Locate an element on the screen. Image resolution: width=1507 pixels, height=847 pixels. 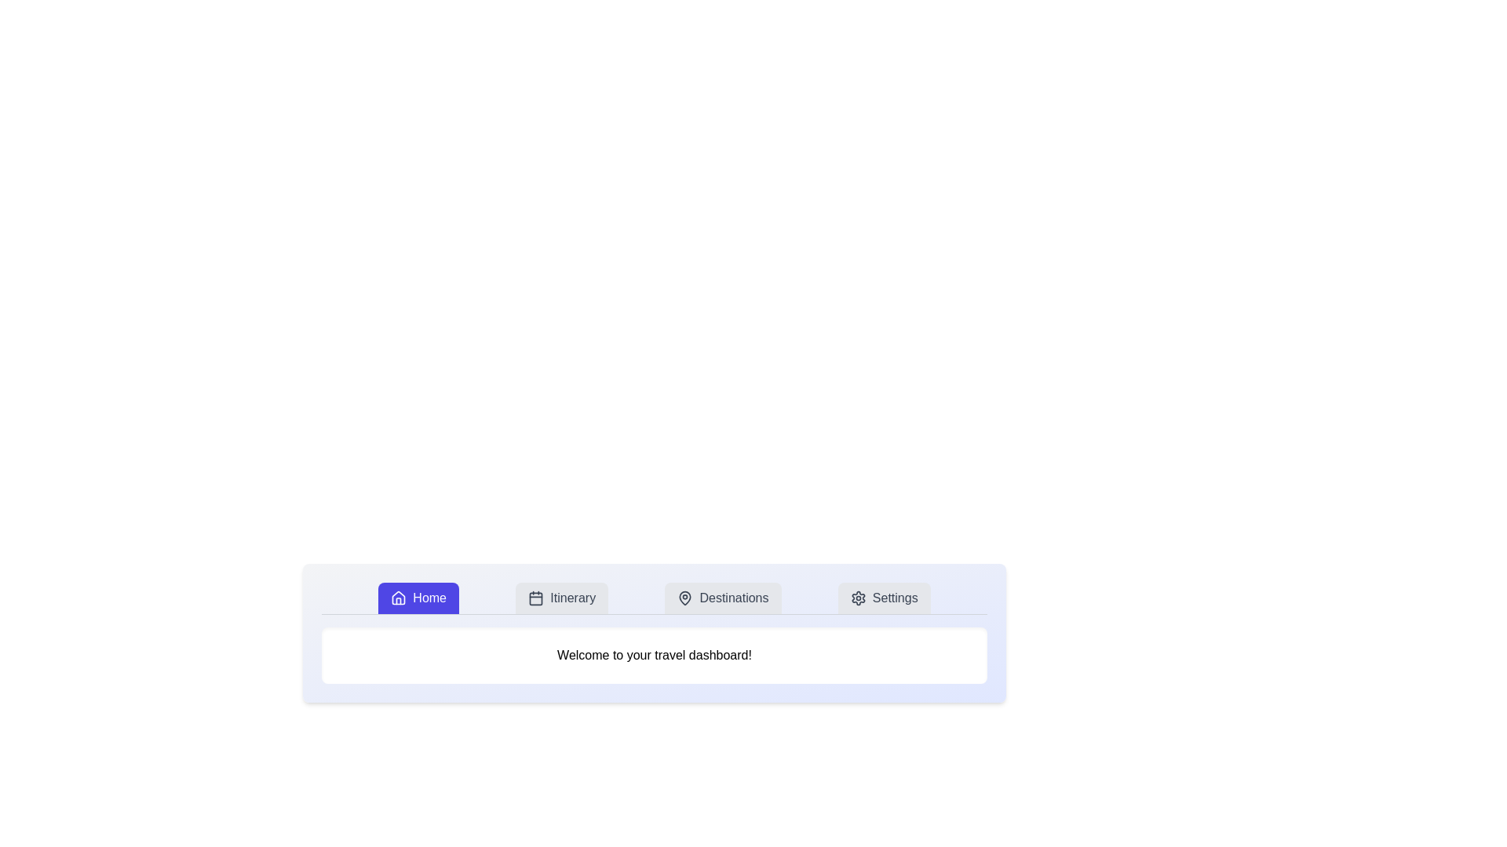
the gear icon located to the left of the 'Settings' text in the last button on the navigation bar is located at coordinates (857, 598).